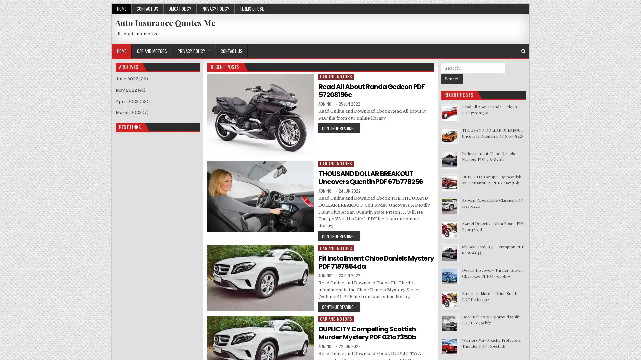  What do you see at coordinates (452, 78) in the screenshot?
I see `Search` at bounding box center [452, 78].